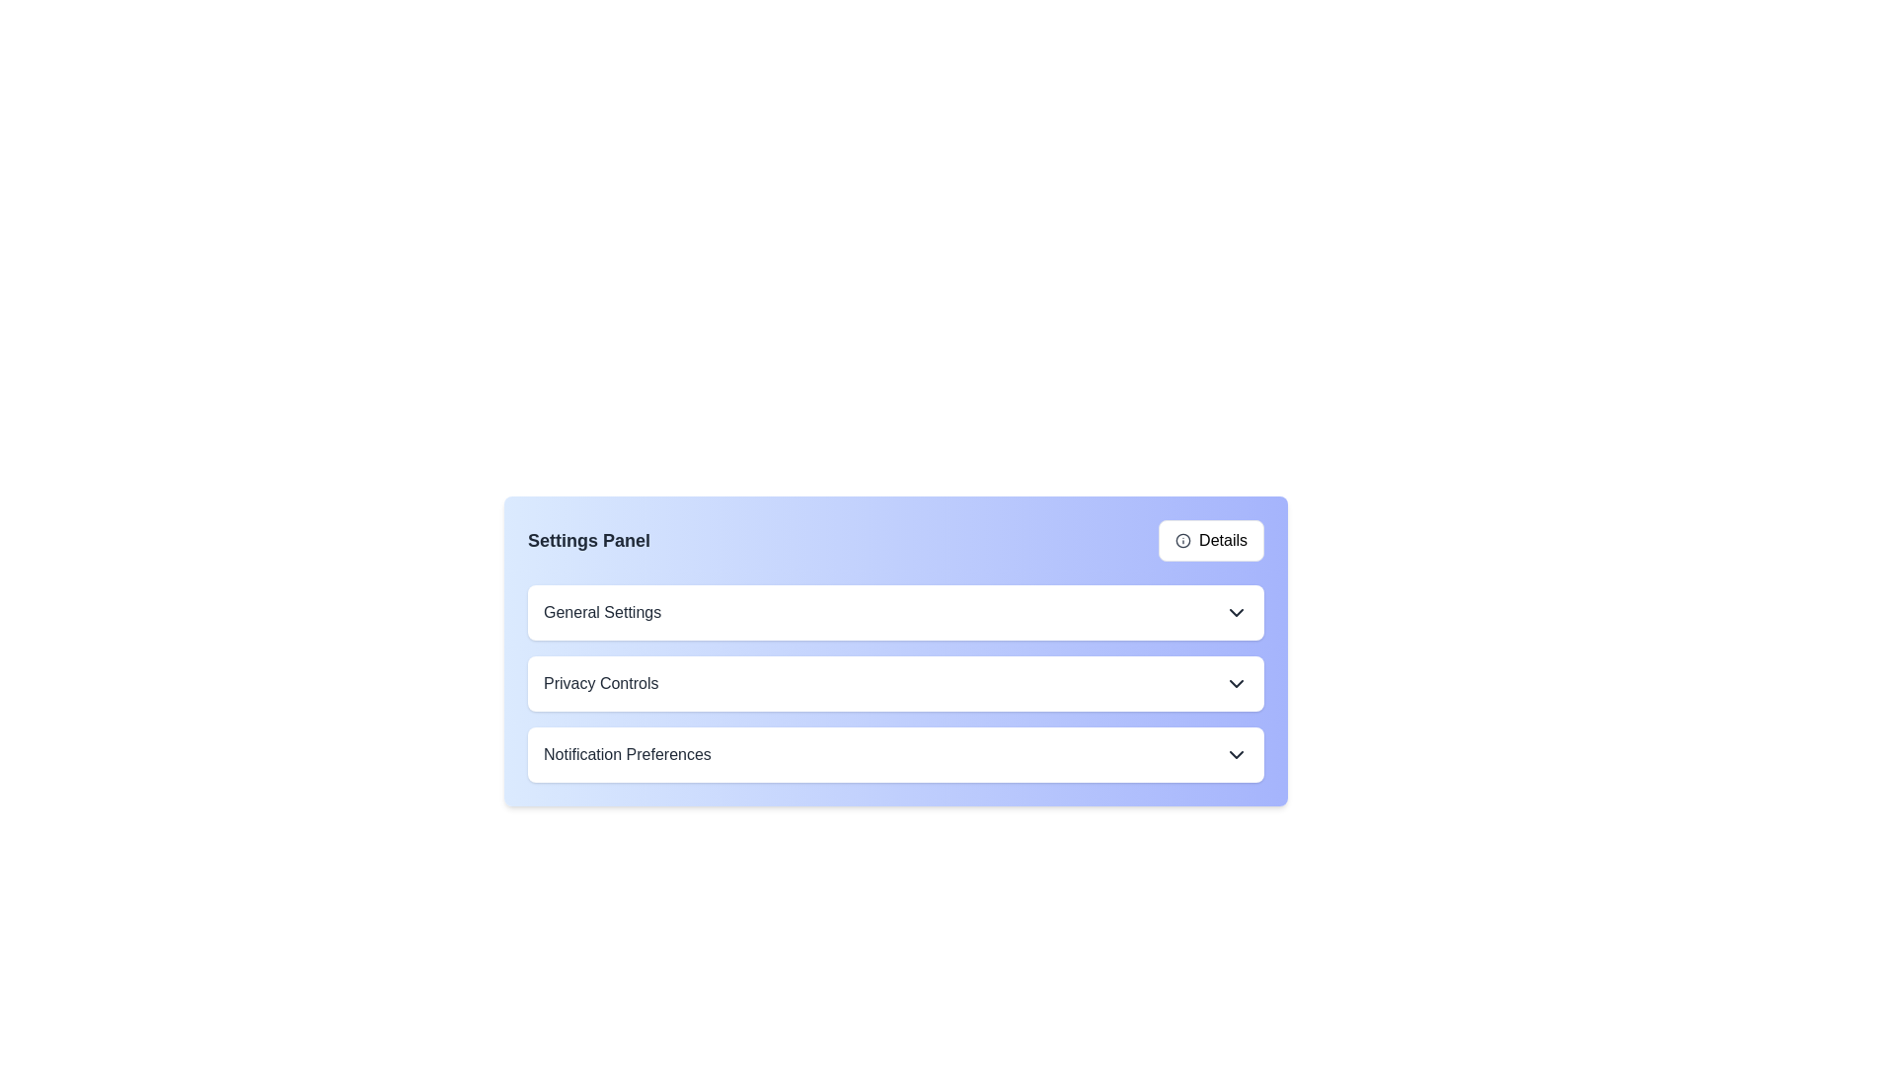  Describe the element at coordinates (1183, 540) in the screenshot. I see `the surrounding icon that contains the decorative circle in the top-right corner of the settings panel, next to the 'Details' label` at that location.